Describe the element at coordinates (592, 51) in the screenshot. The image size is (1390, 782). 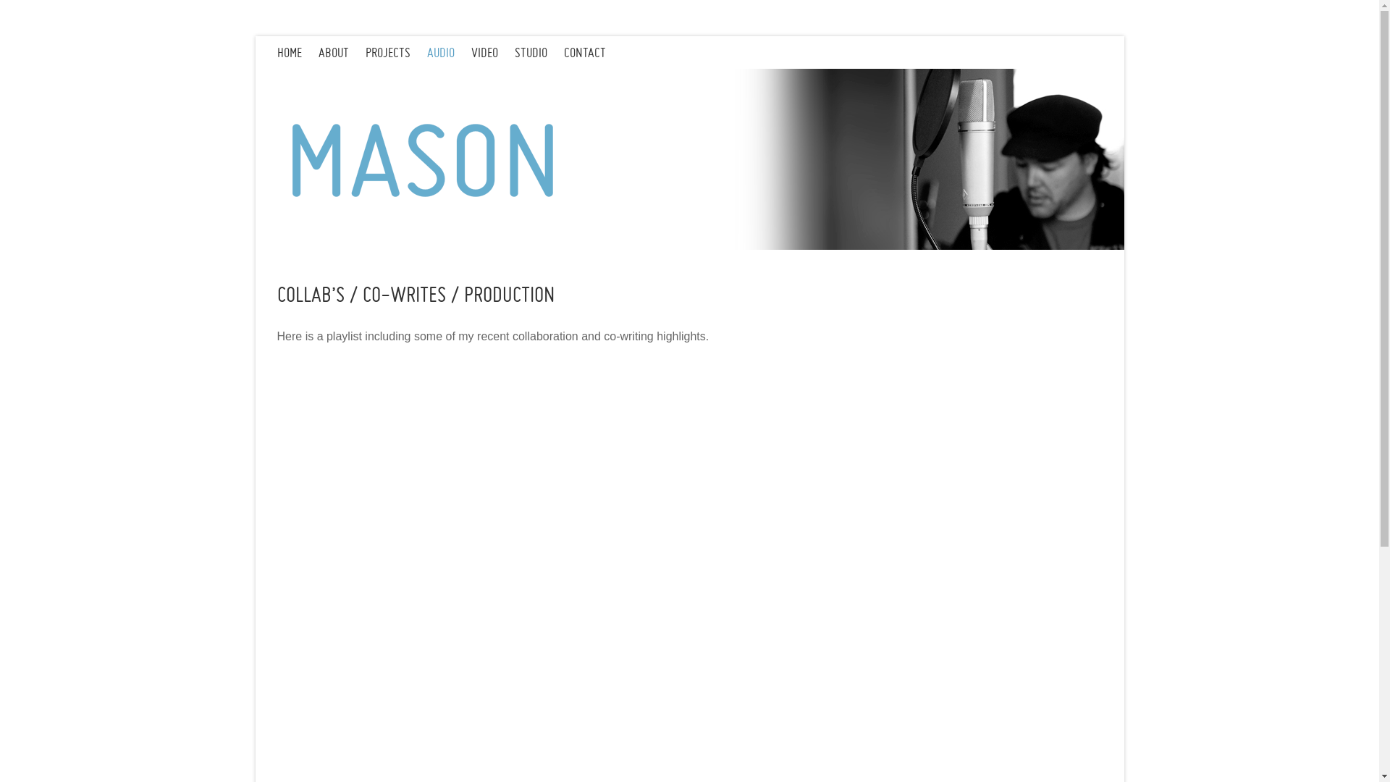
I see `'CONTACT'` at that location.